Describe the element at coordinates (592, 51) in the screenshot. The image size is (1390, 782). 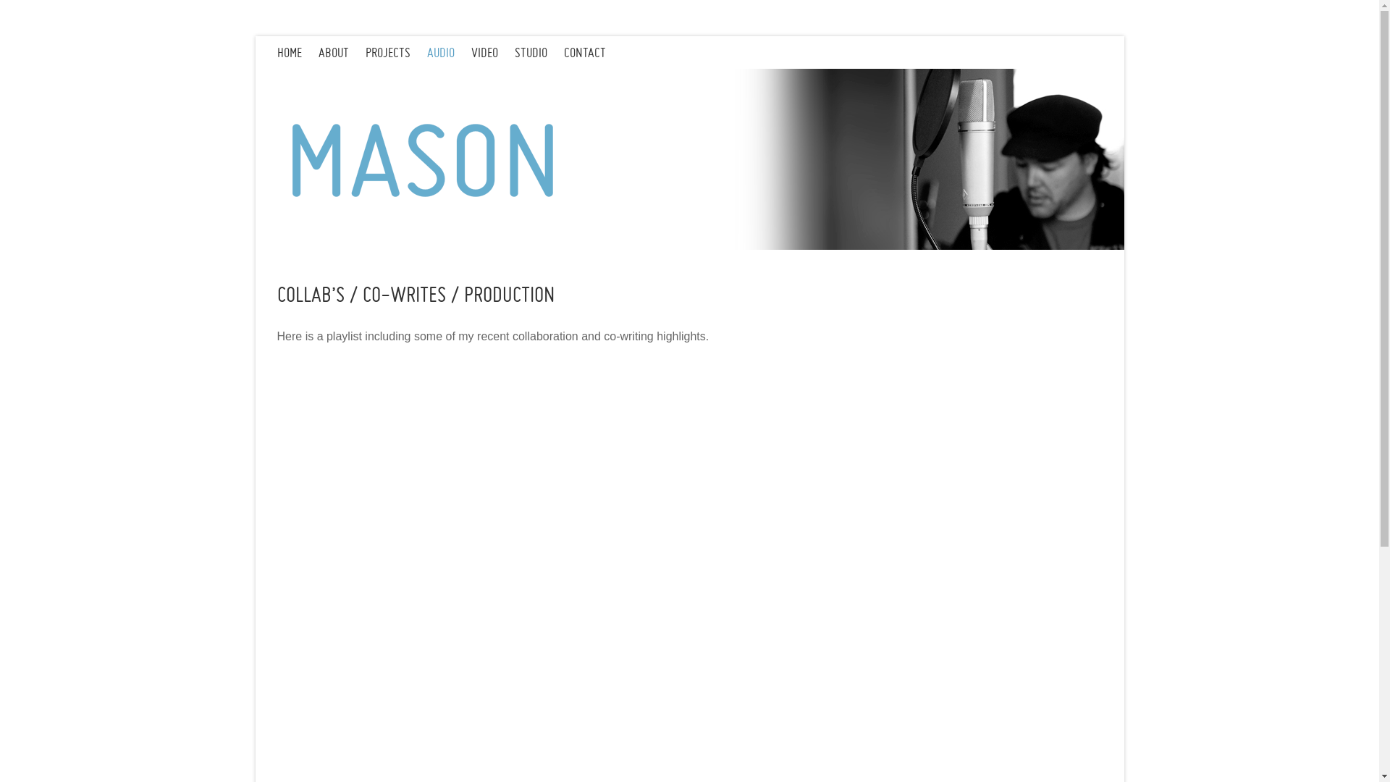
I see `'CONTACT'` at that location.